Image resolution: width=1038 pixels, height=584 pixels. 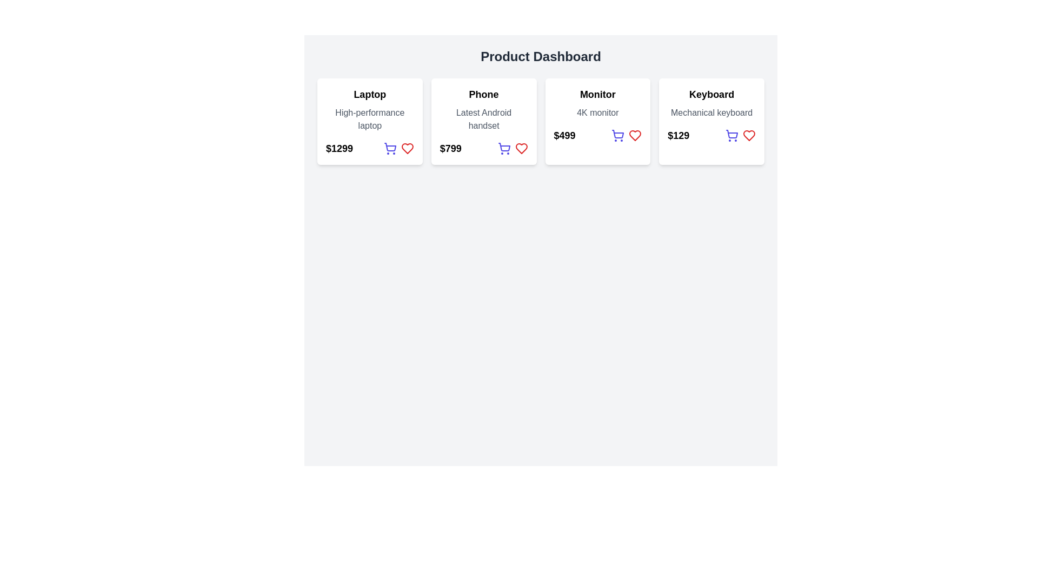 What do you see at coordinates (339, 148) in the screenshot?
I see `the text label displaying the price "$1299" in bold typography, located near the bottom-left corner of the first product card` at bounding box center [339, 148].